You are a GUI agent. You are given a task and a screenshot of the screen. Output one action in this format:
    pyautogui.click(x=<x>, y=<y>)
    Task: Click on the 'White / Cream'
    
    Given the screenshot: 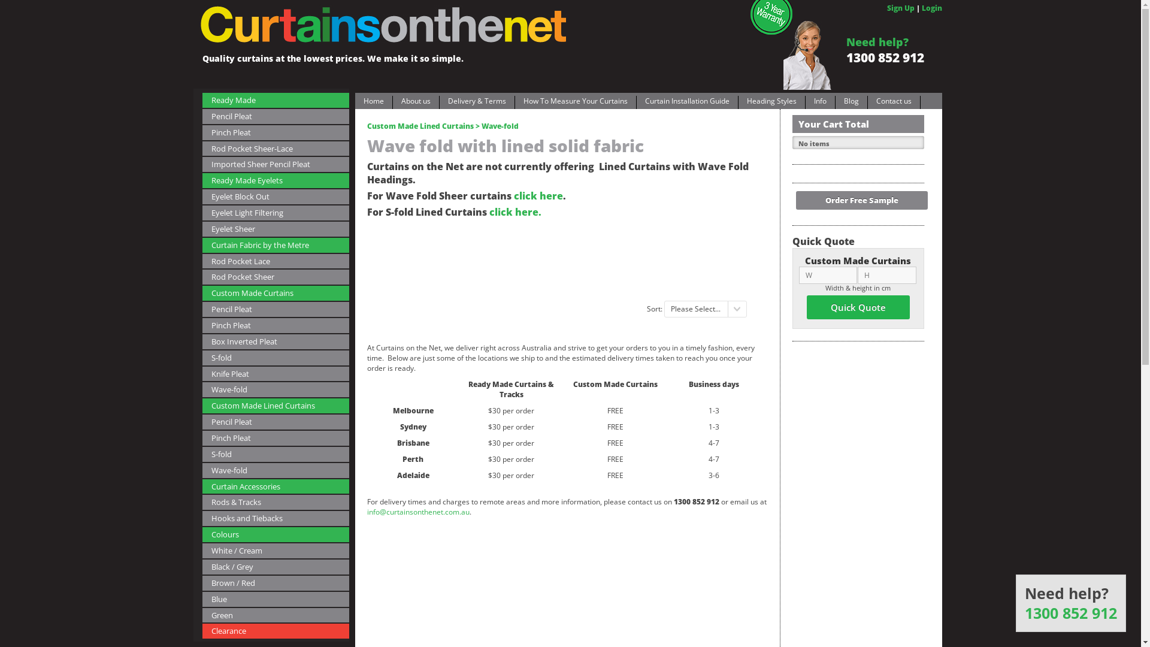 What is the action you would take?
    pyautogui.click(x=275, y=551)
    